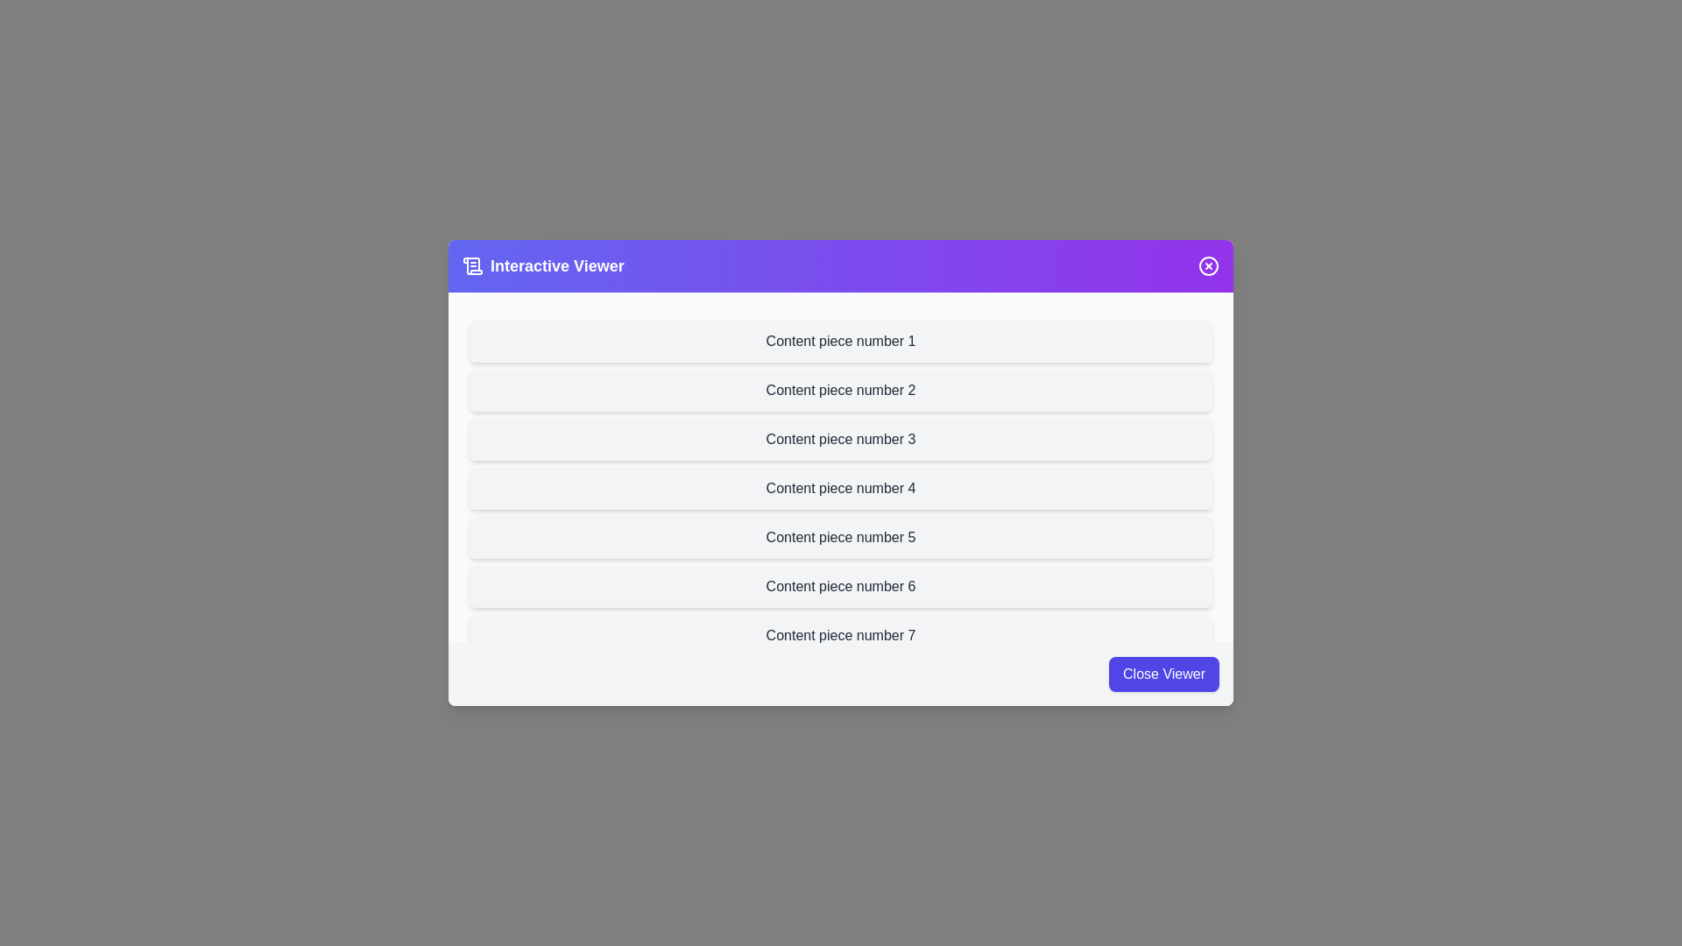  Describe the element at coordinates (1208, 266) in the screenshot. I see `the close button to dismiss the viewer` at that location.